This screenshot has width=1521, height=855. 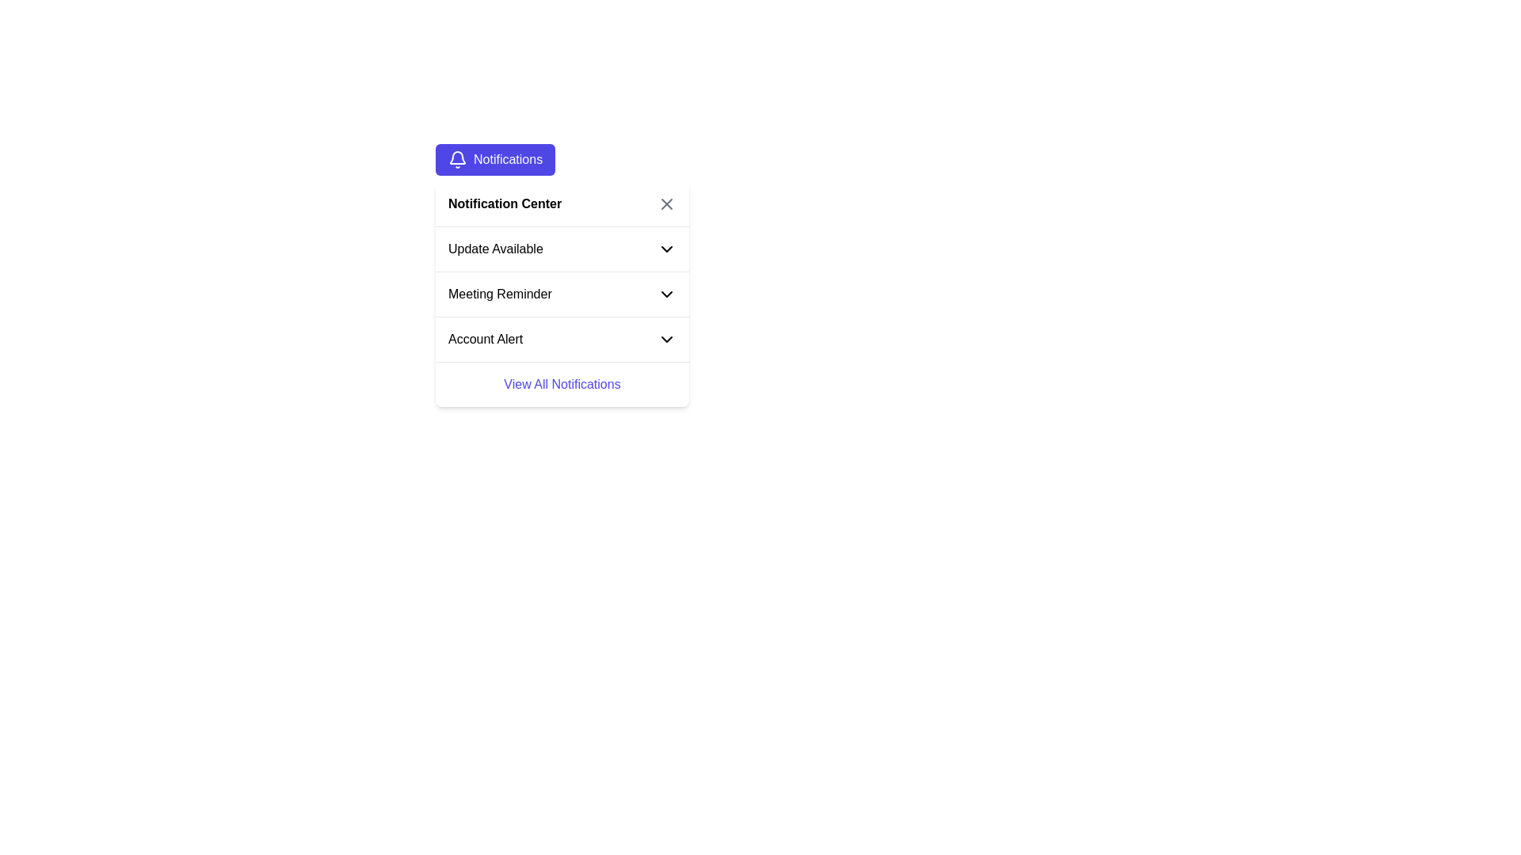 What do you see at coordinates (485, 338) in the screenshot?
I see `the static text element labeled 'Account Alert', which indicates a specific notification category within the notification dropdown menu` at bounding box center [485, 338].